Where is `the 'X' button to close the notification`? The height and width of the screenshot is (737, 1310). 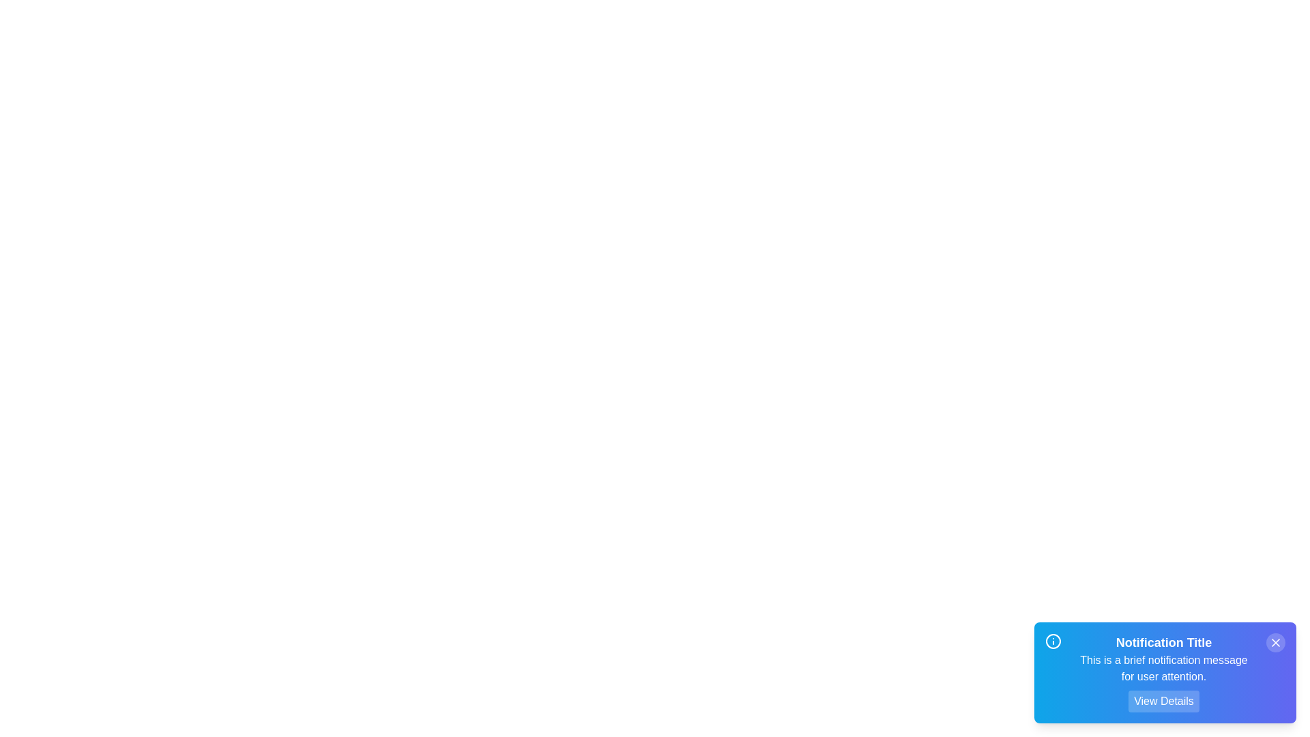 the 'X' button to close the notification is located at coordinates (1275, 642).